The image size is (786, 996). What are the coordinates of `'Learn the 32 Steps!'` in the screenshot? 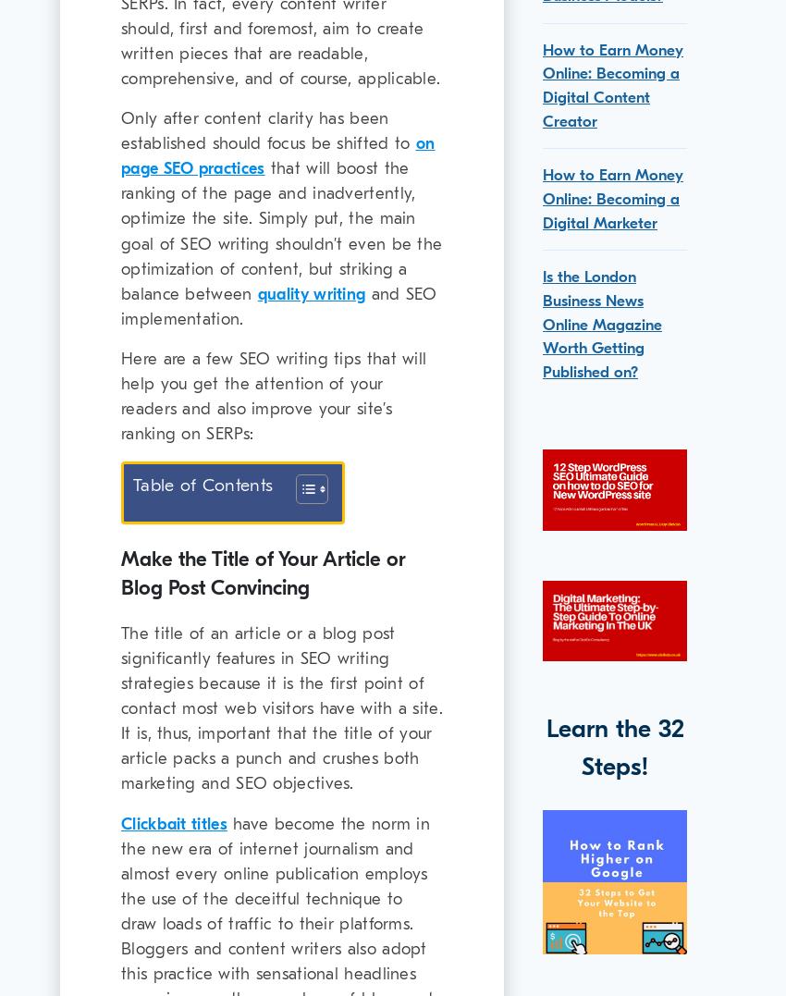 It's located at (614, 748).